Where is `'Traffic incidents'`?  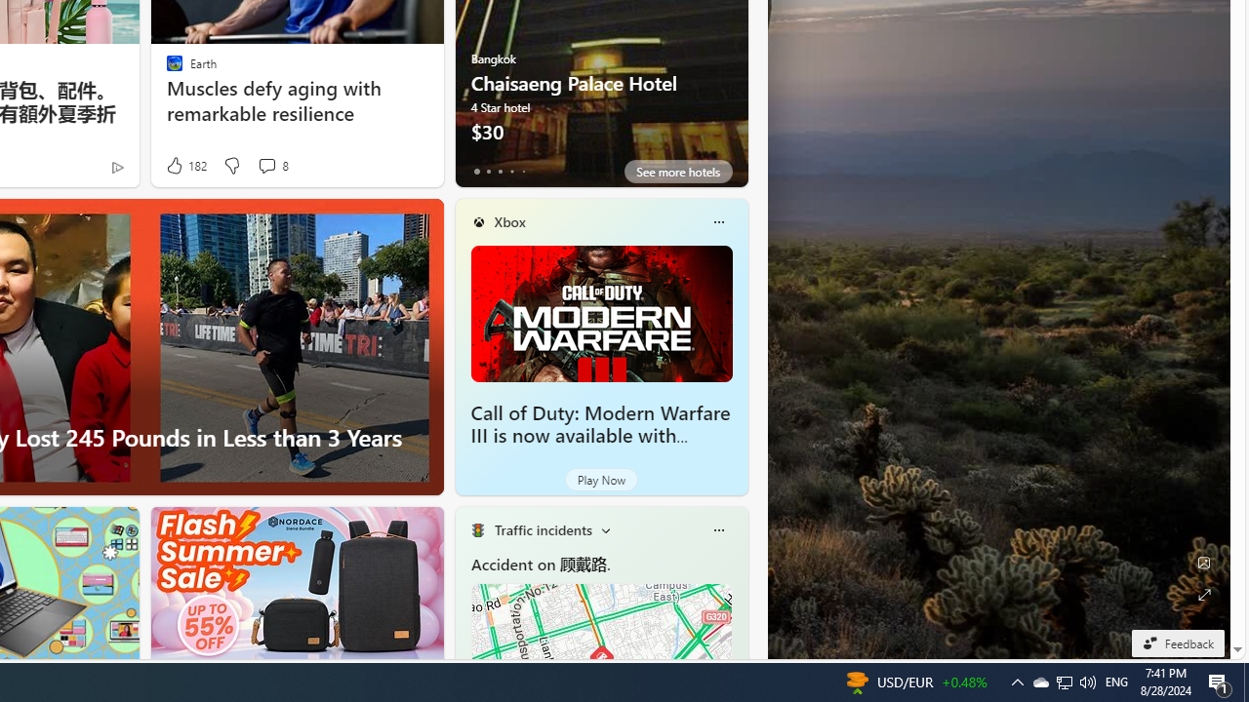
'Traffic incidents' is located at coordinates (543, 529).